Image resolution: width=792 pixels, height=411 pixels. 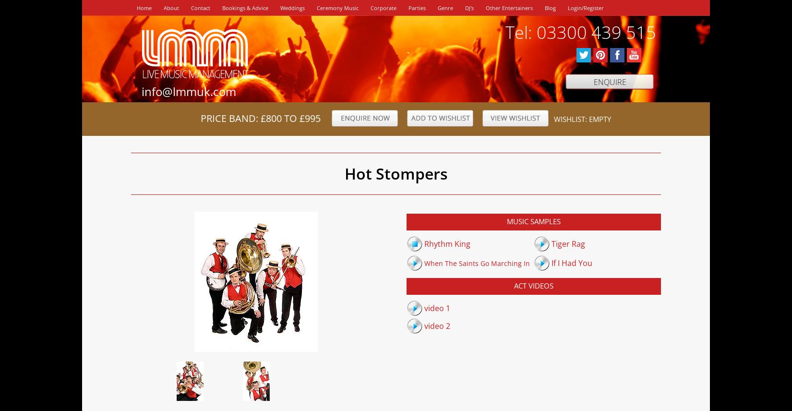 What do you see at coordinates (533, 221) in the screenshot?
I see `'Music Samples'` at bounding box center [533, 221].